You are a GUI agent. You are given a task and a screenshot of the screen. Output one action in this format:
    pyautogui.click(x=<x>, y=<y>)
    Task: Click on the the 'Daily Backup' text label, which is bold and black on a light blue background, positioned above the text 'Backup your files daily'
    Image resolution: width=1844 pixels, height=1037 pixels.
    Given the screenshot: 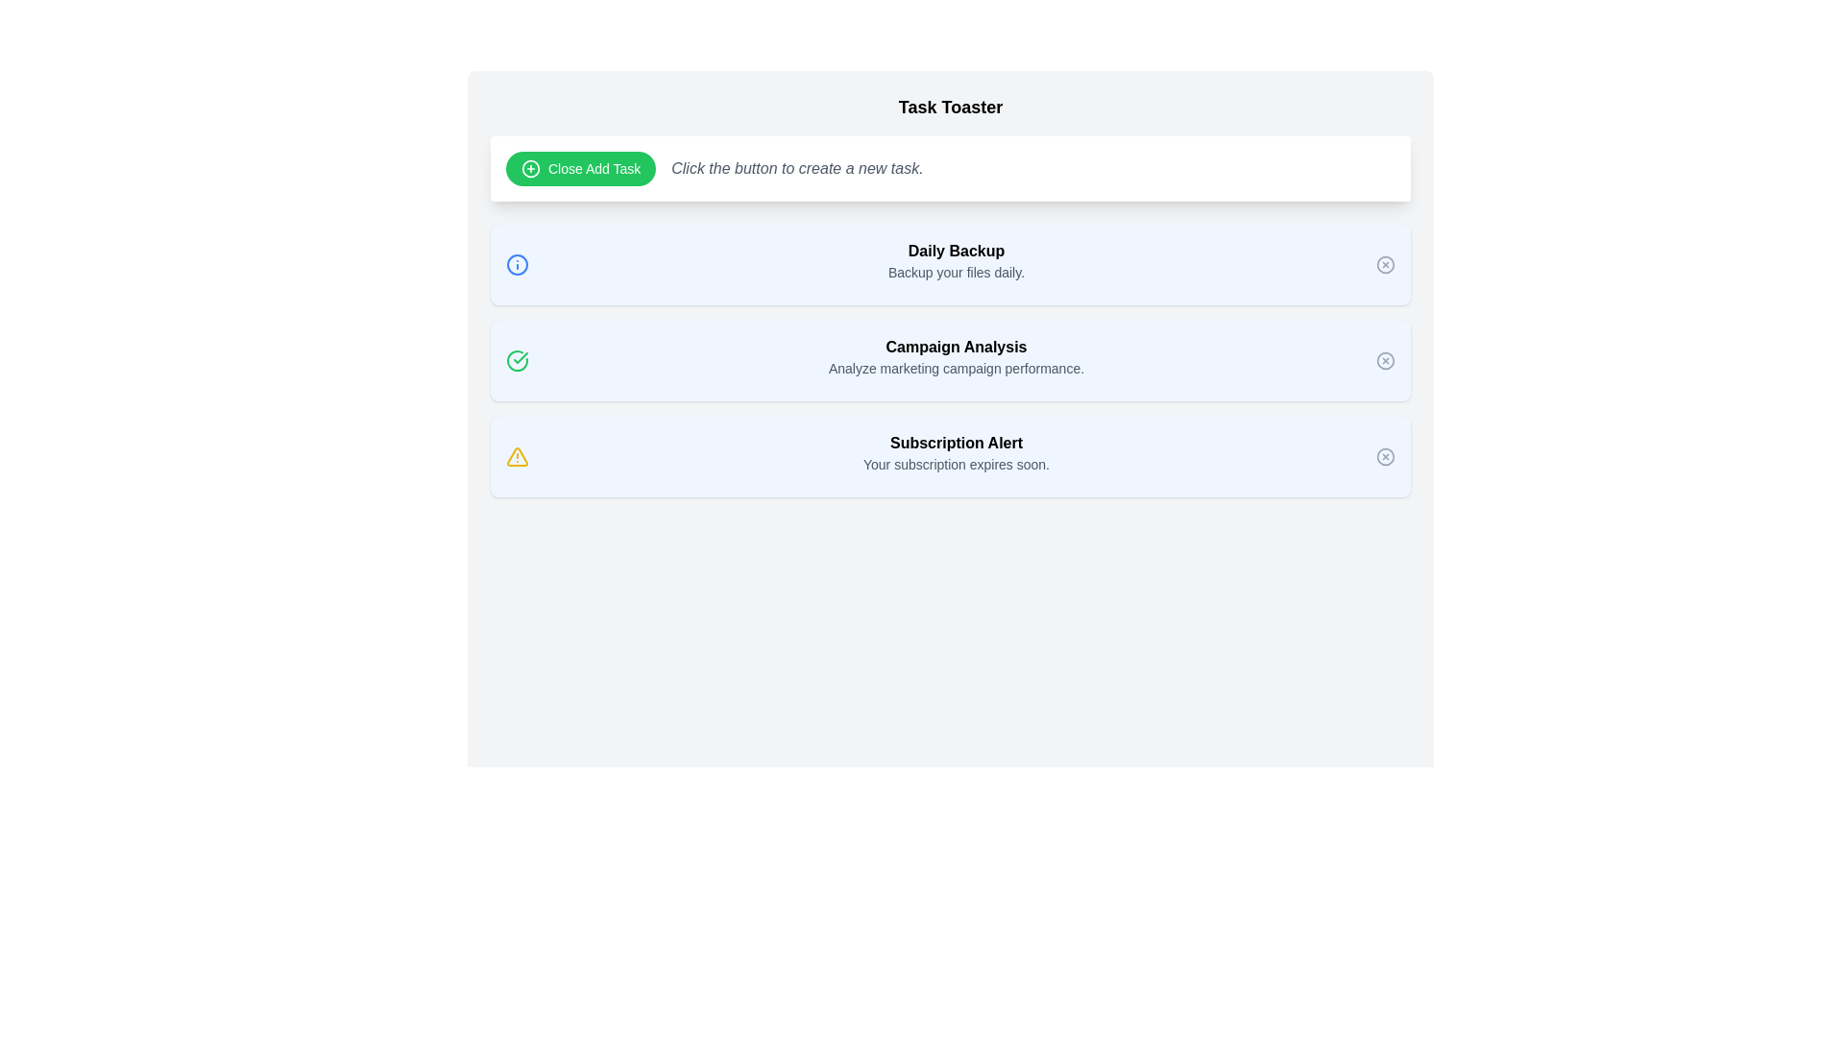 What is the action you would take?
    pyautogui.click(x=957, y=251)
    